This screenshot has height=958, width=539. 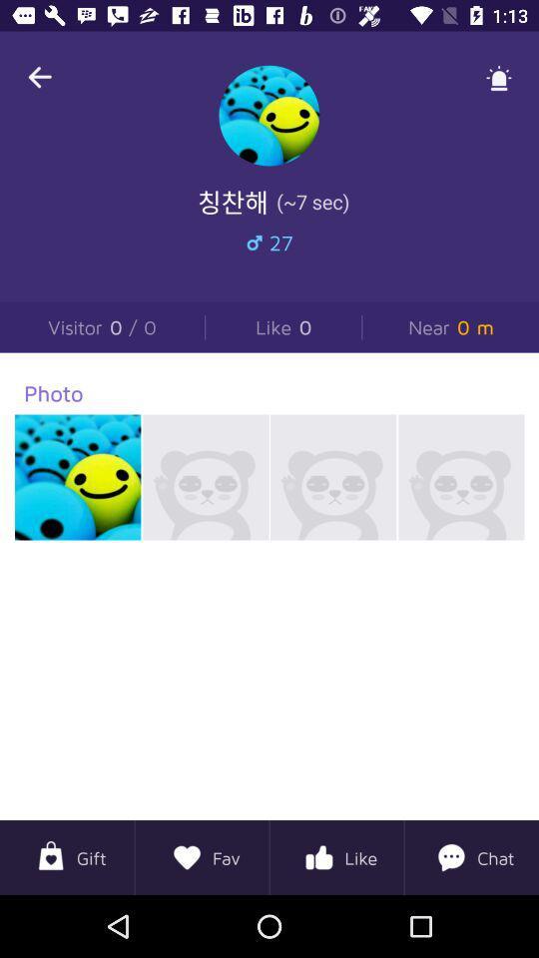 What do you see at coordinates (40, 77) in the screenshot?
I see `the top left arrow which is in blue background` at bounding box center [40, 77].